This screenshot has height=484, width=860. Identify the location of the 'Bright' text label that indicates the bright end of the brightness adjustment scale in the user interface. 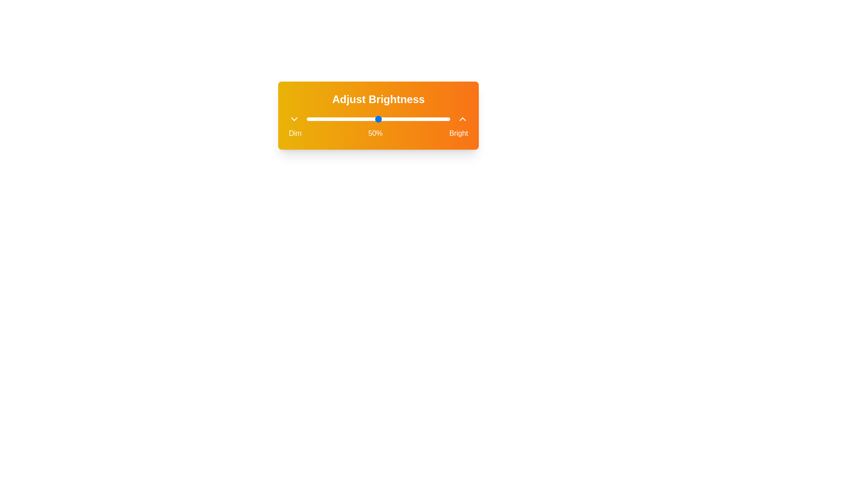
(459, 133).